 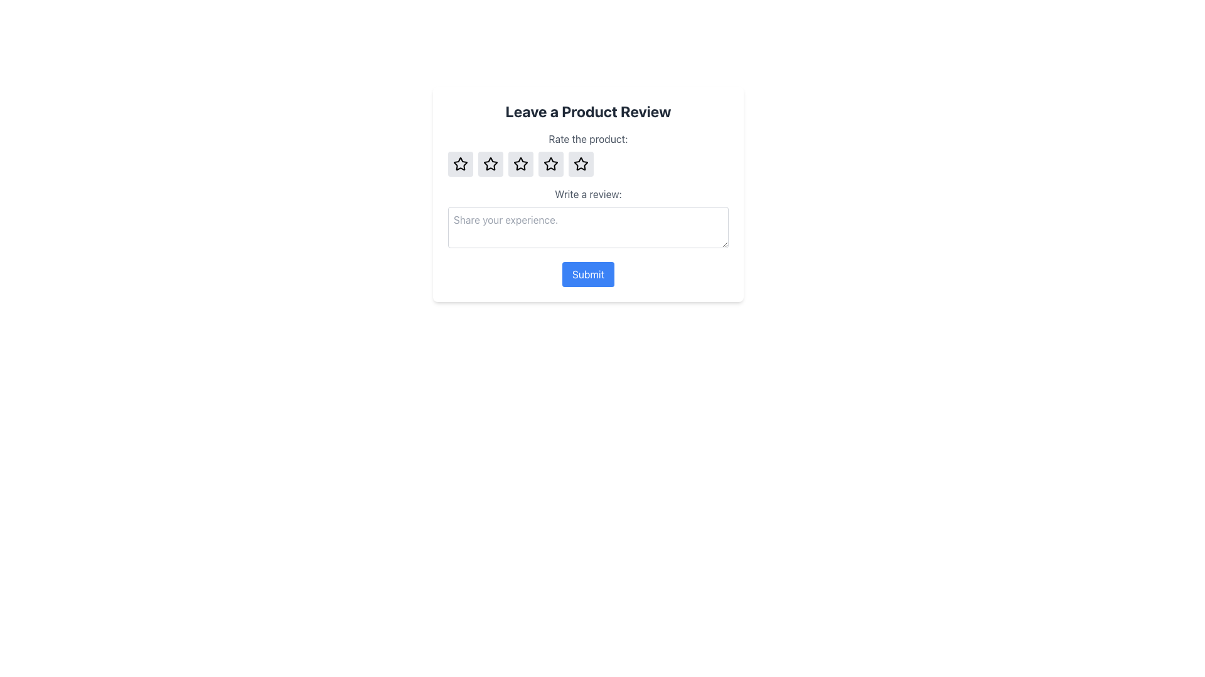 I want to click on the second star icon from the left in the 'Rate the product' section, so click(x=490, y=163).